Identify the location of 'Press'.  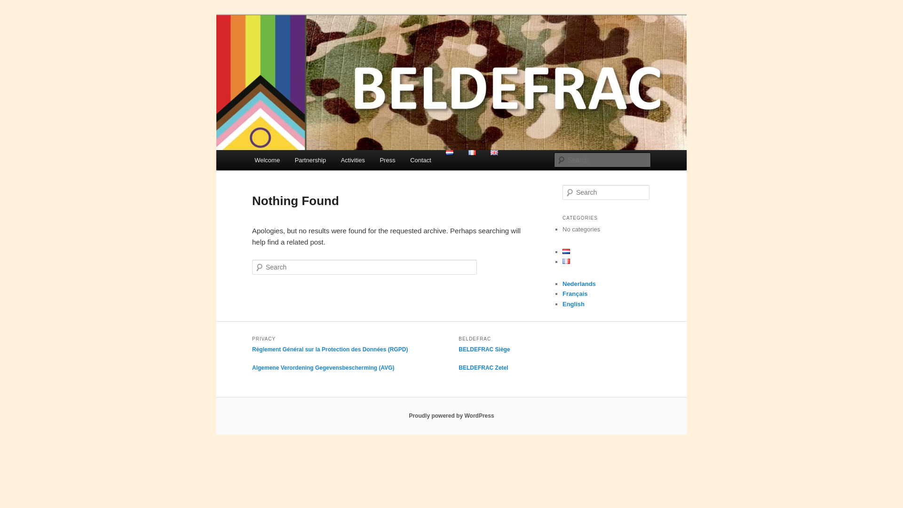
(388, 159).